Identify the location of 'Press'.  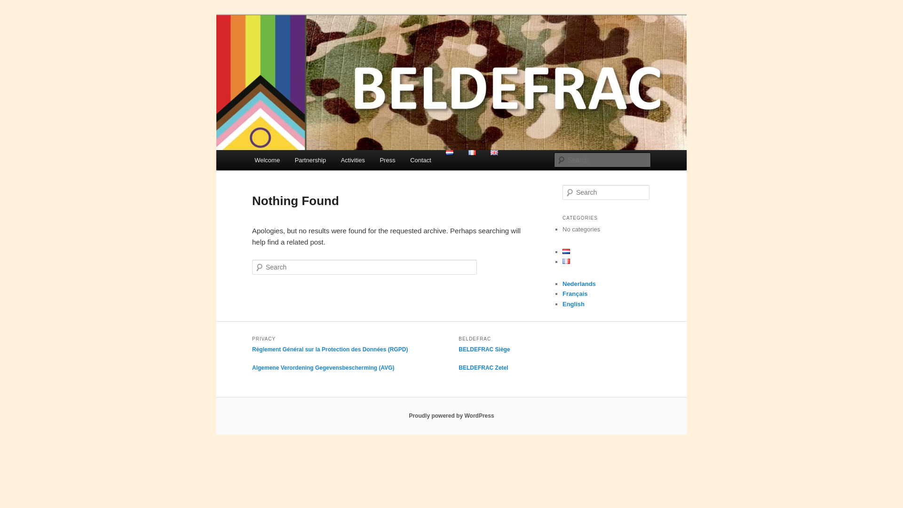
(388, 159).